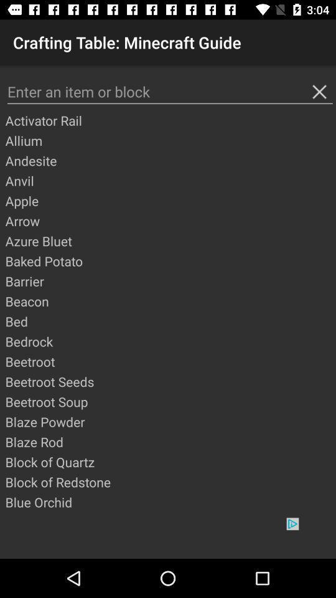 Image resolution: width=336 pixels, height=598 pixels. I want to click on bedrock item, so click(169, 341).